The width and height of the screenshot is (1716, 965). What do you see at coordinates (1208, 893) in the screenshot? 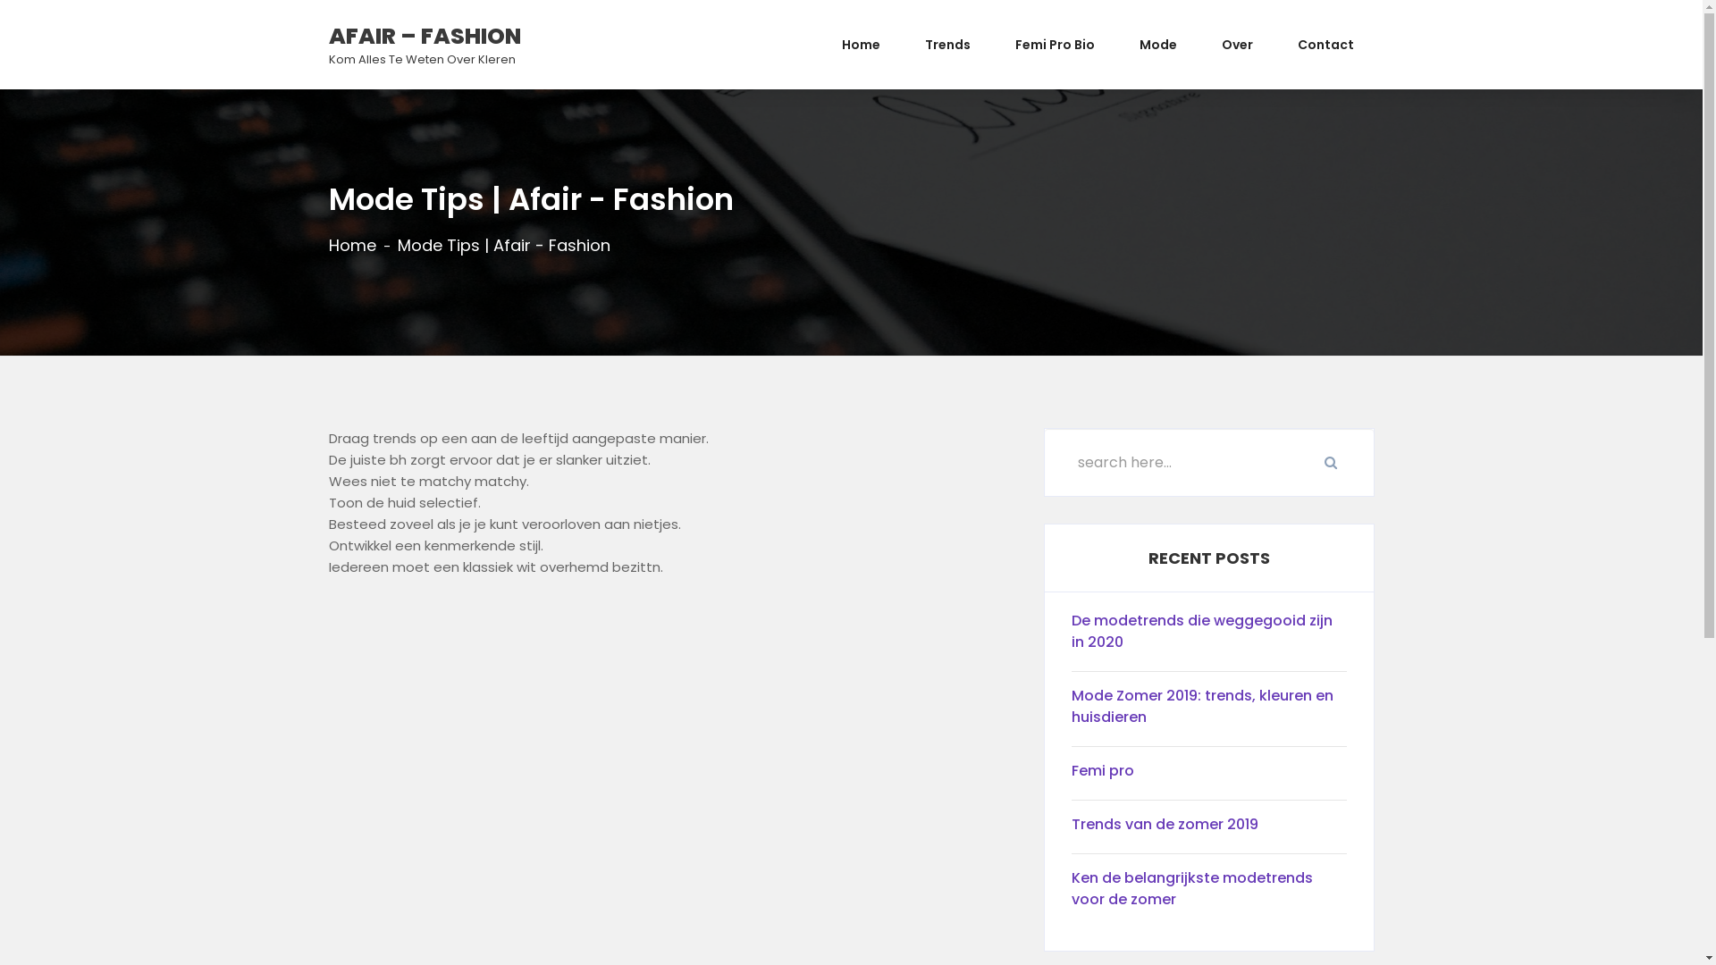
I see `'Ken de belangrijkste modetrends voor de zomer'` at bounding box center [1208, 893].